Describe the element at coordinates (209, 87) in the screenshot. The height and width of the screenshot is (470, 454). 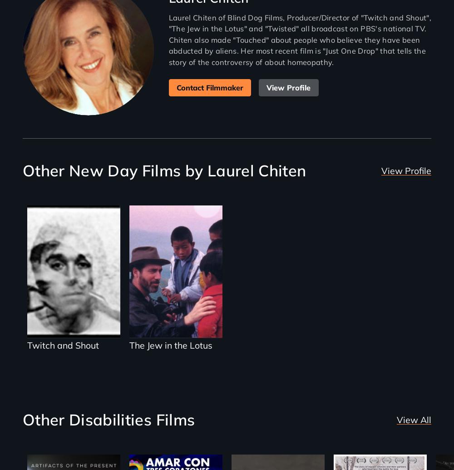
I see `'Contact Filmmaker'` at that location.